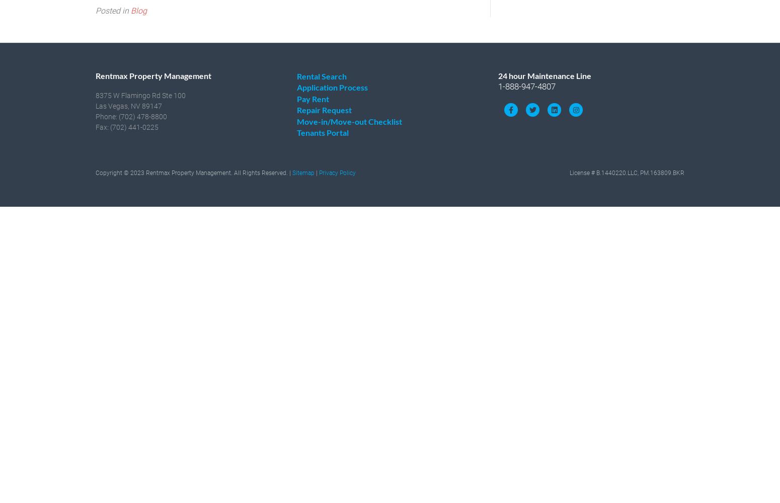 Image resolution: width=780 pixels, height=503 pixels. Describe the element at coordinates (337, 173) in the screenshot. I see `'Privacy Policy'` at that location.